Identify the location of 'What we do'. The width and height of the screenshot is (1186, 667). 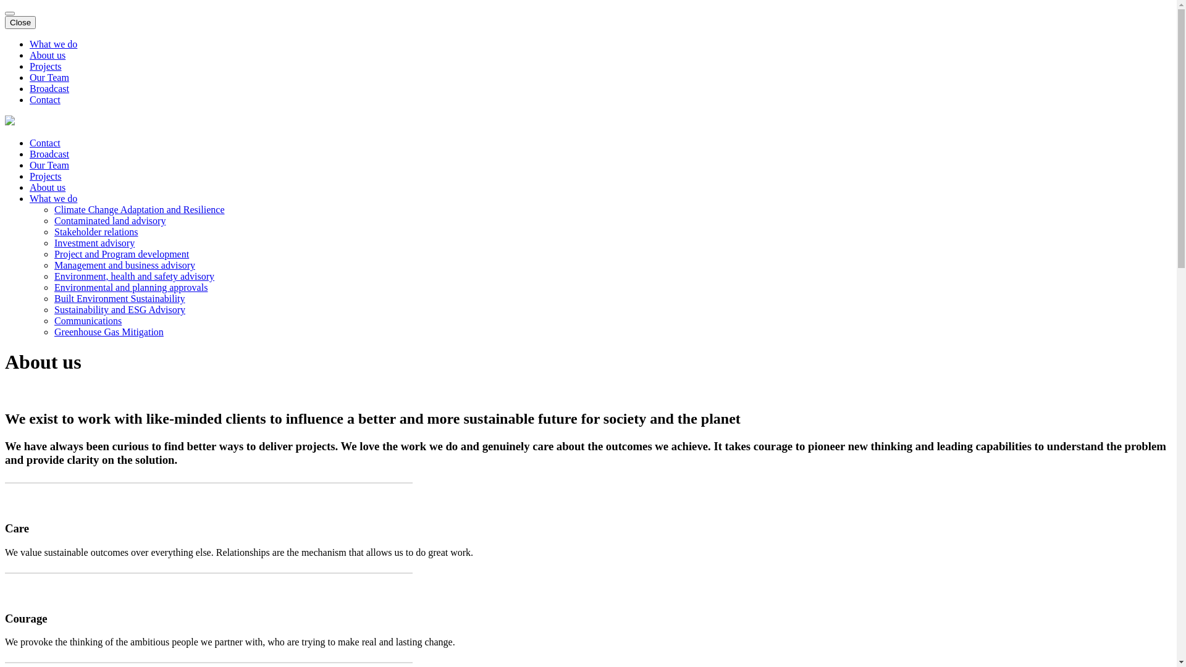
(30, 43).